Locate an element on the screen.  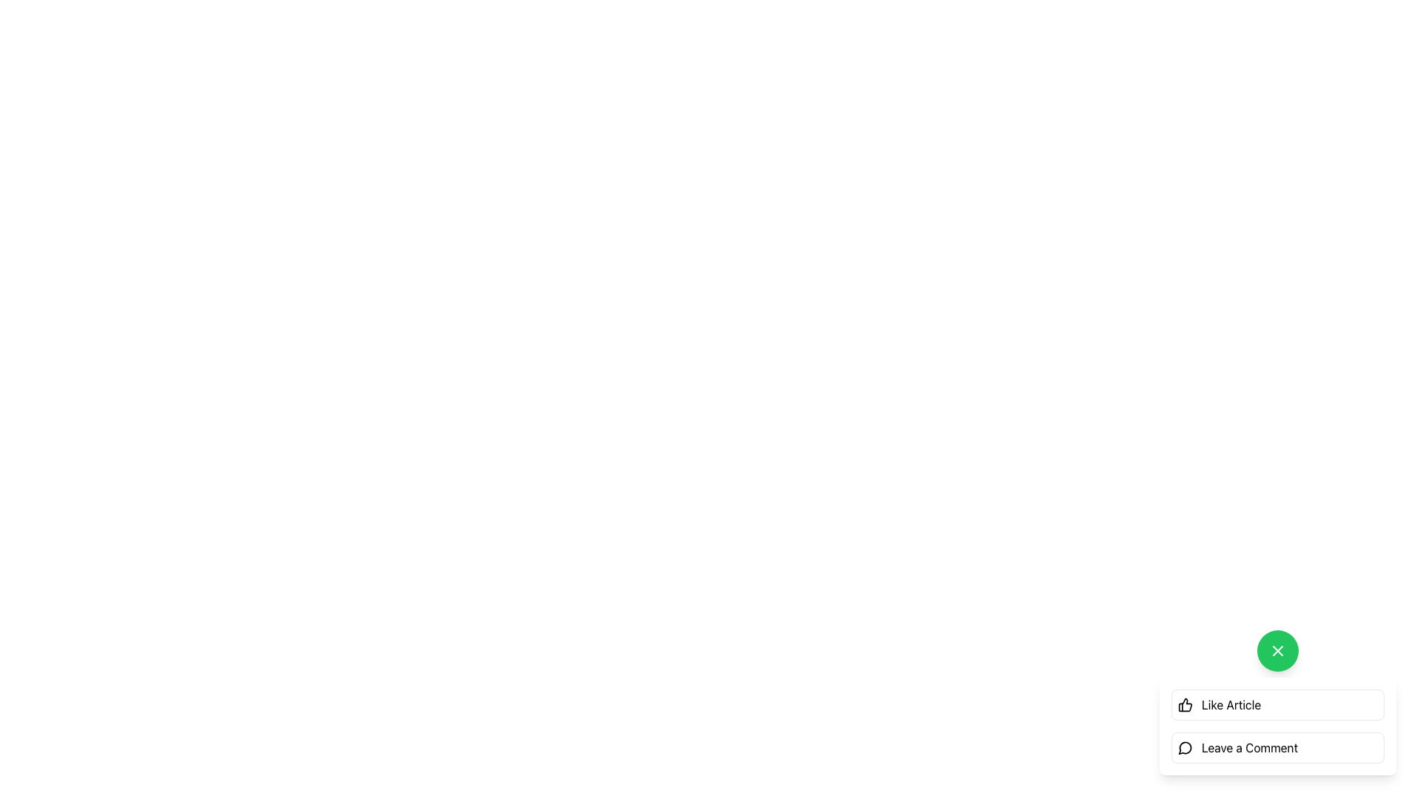
the 'Like Article' text label, which displays in black sans-serif font and is positioned near a thumbs-up icon in the lower-right region of the interface is located at coordinates (1231, 704).